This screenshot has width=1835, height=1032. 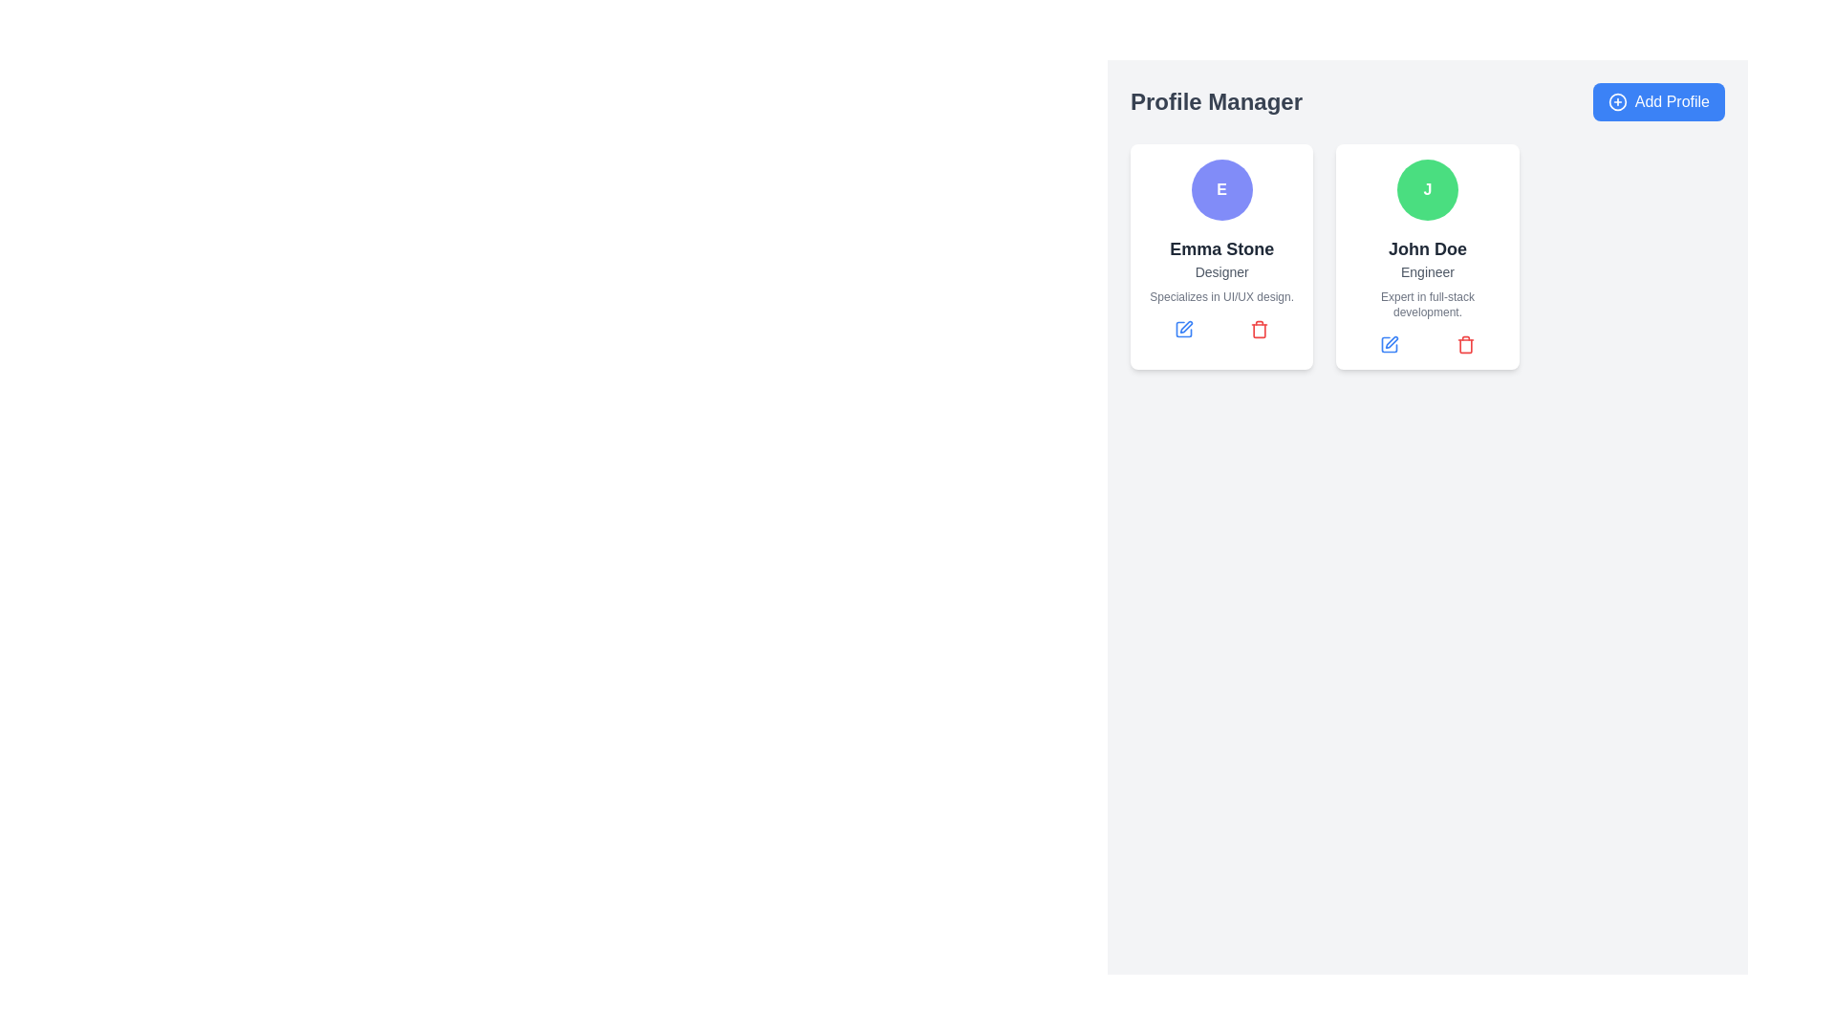 What do you see at coordinates (1220, 272) in the screenshot?
I see `the text label displaying 'Designer', which is located beneath the name 'Emma Stone' and above the description 'Specializes in UI/UX design'` at bounding box center [1220, 272].